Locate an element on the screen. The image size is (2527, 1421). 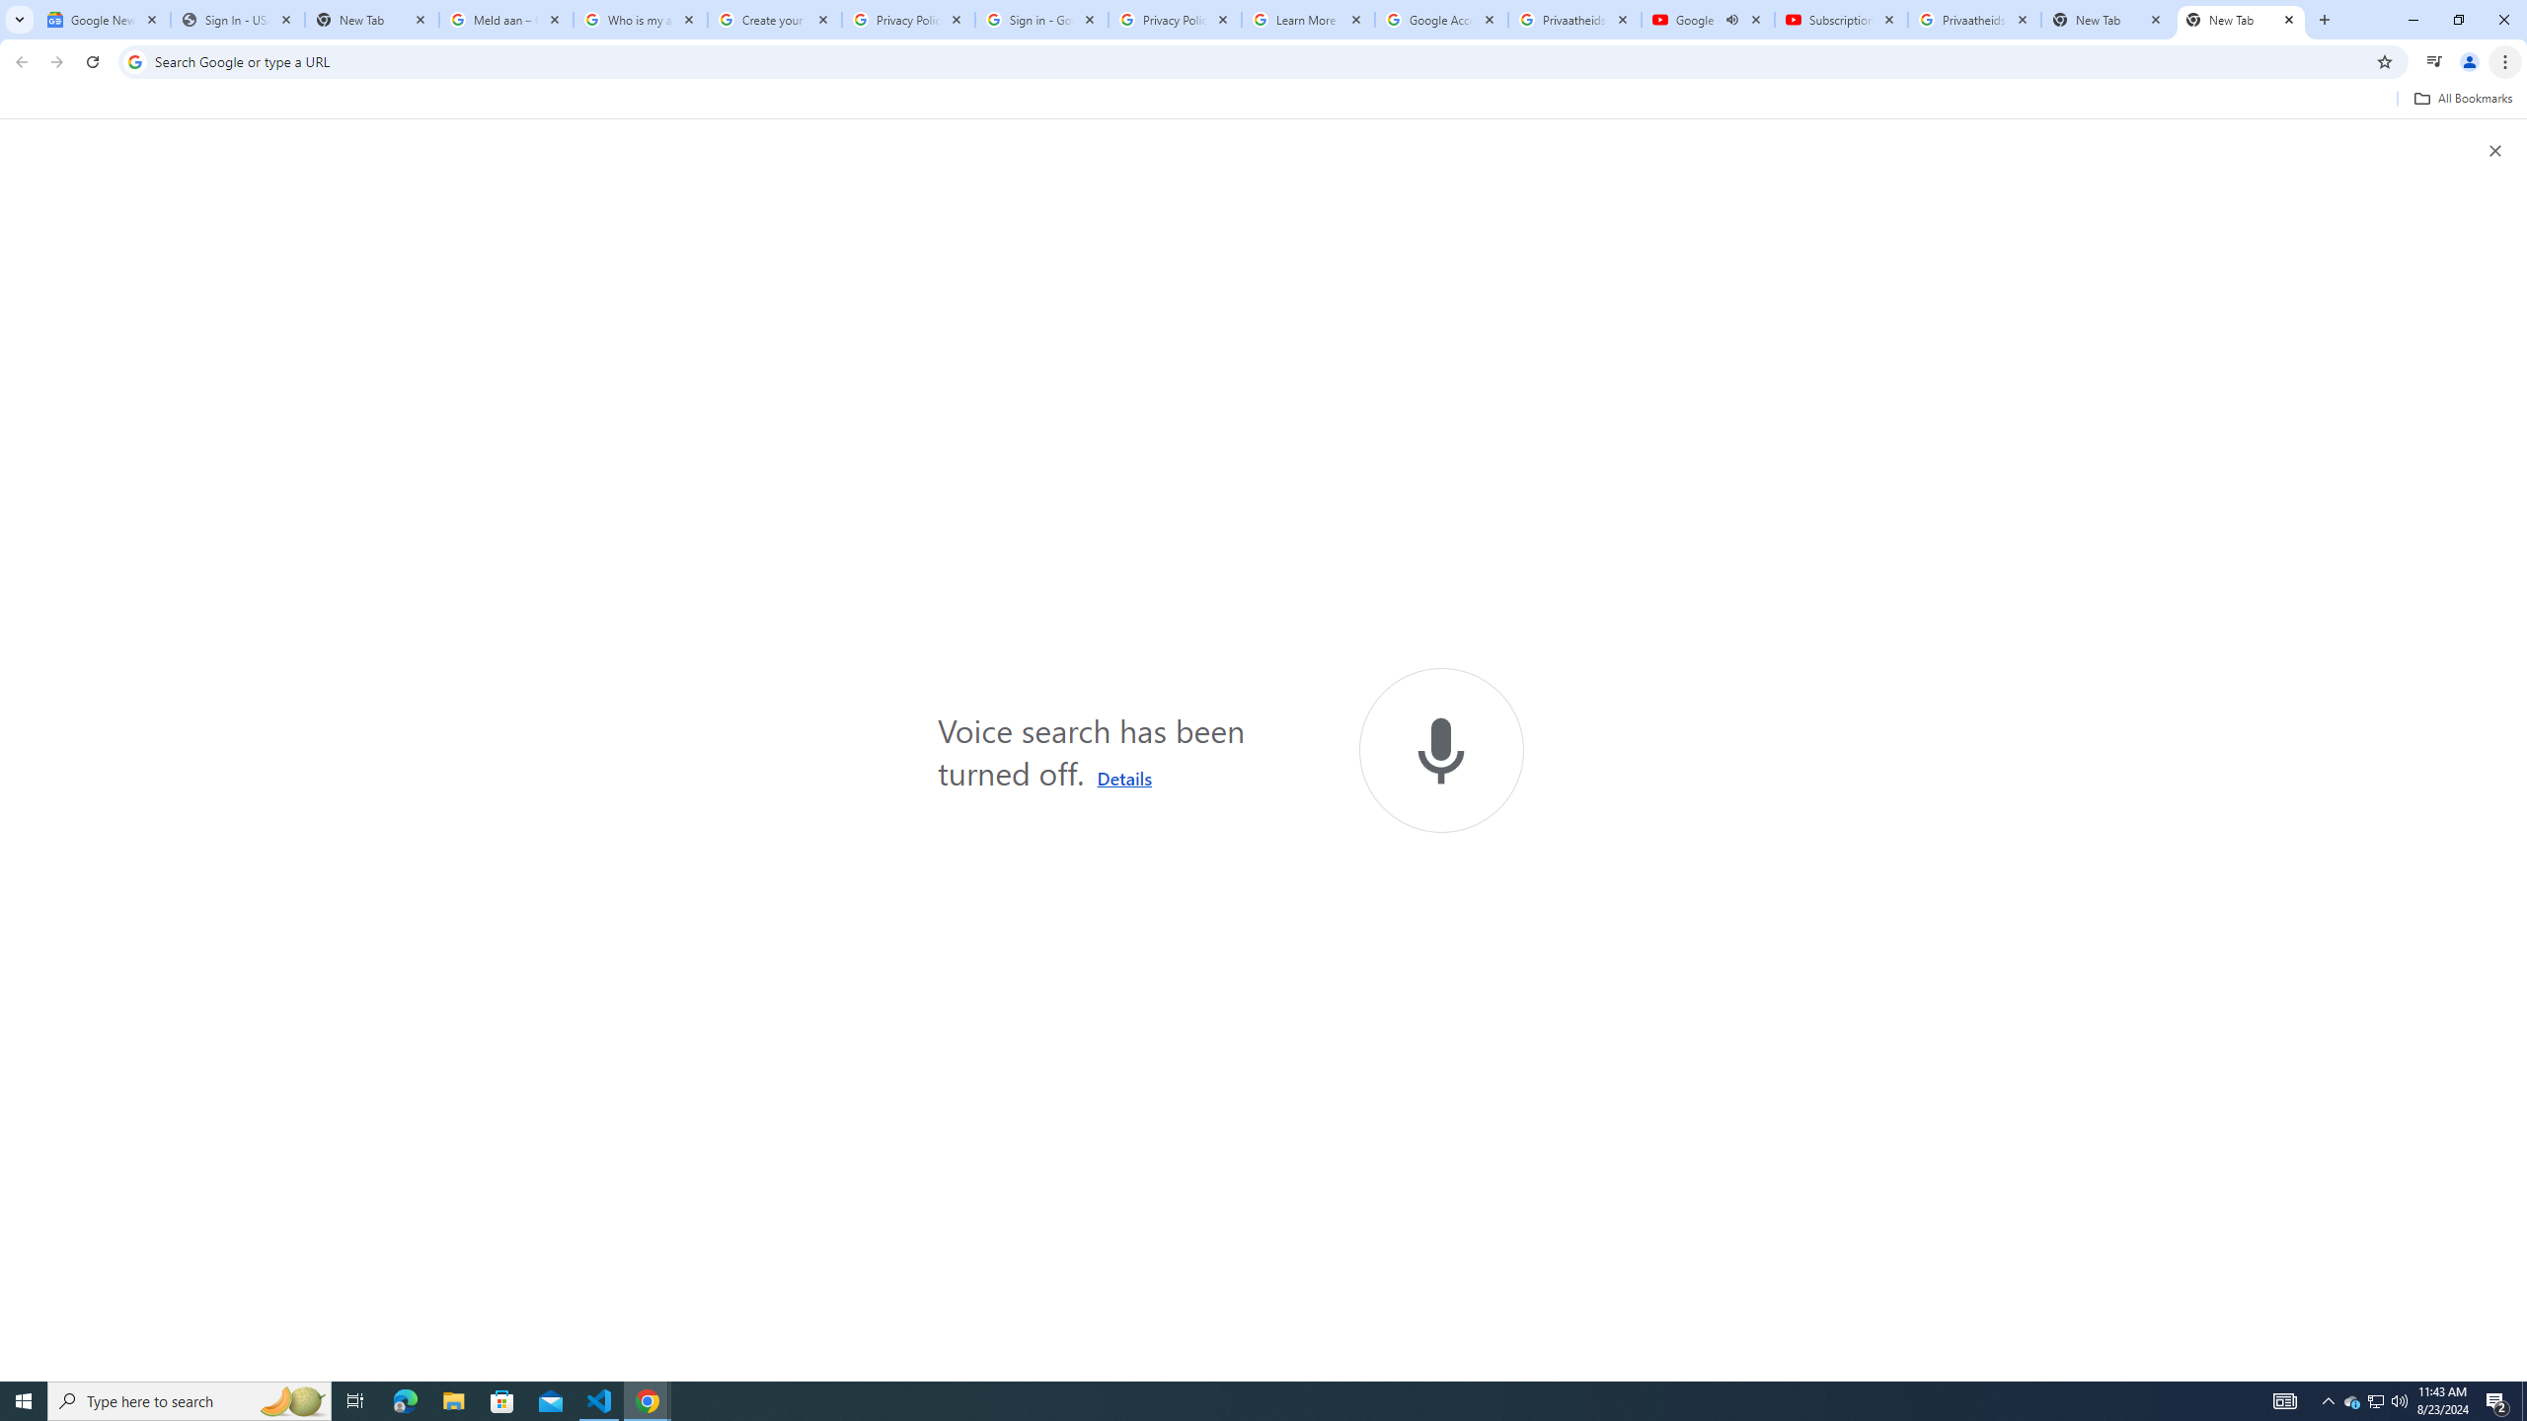
'Learn more about using a microphone' is located at coordinates (1123, 778).